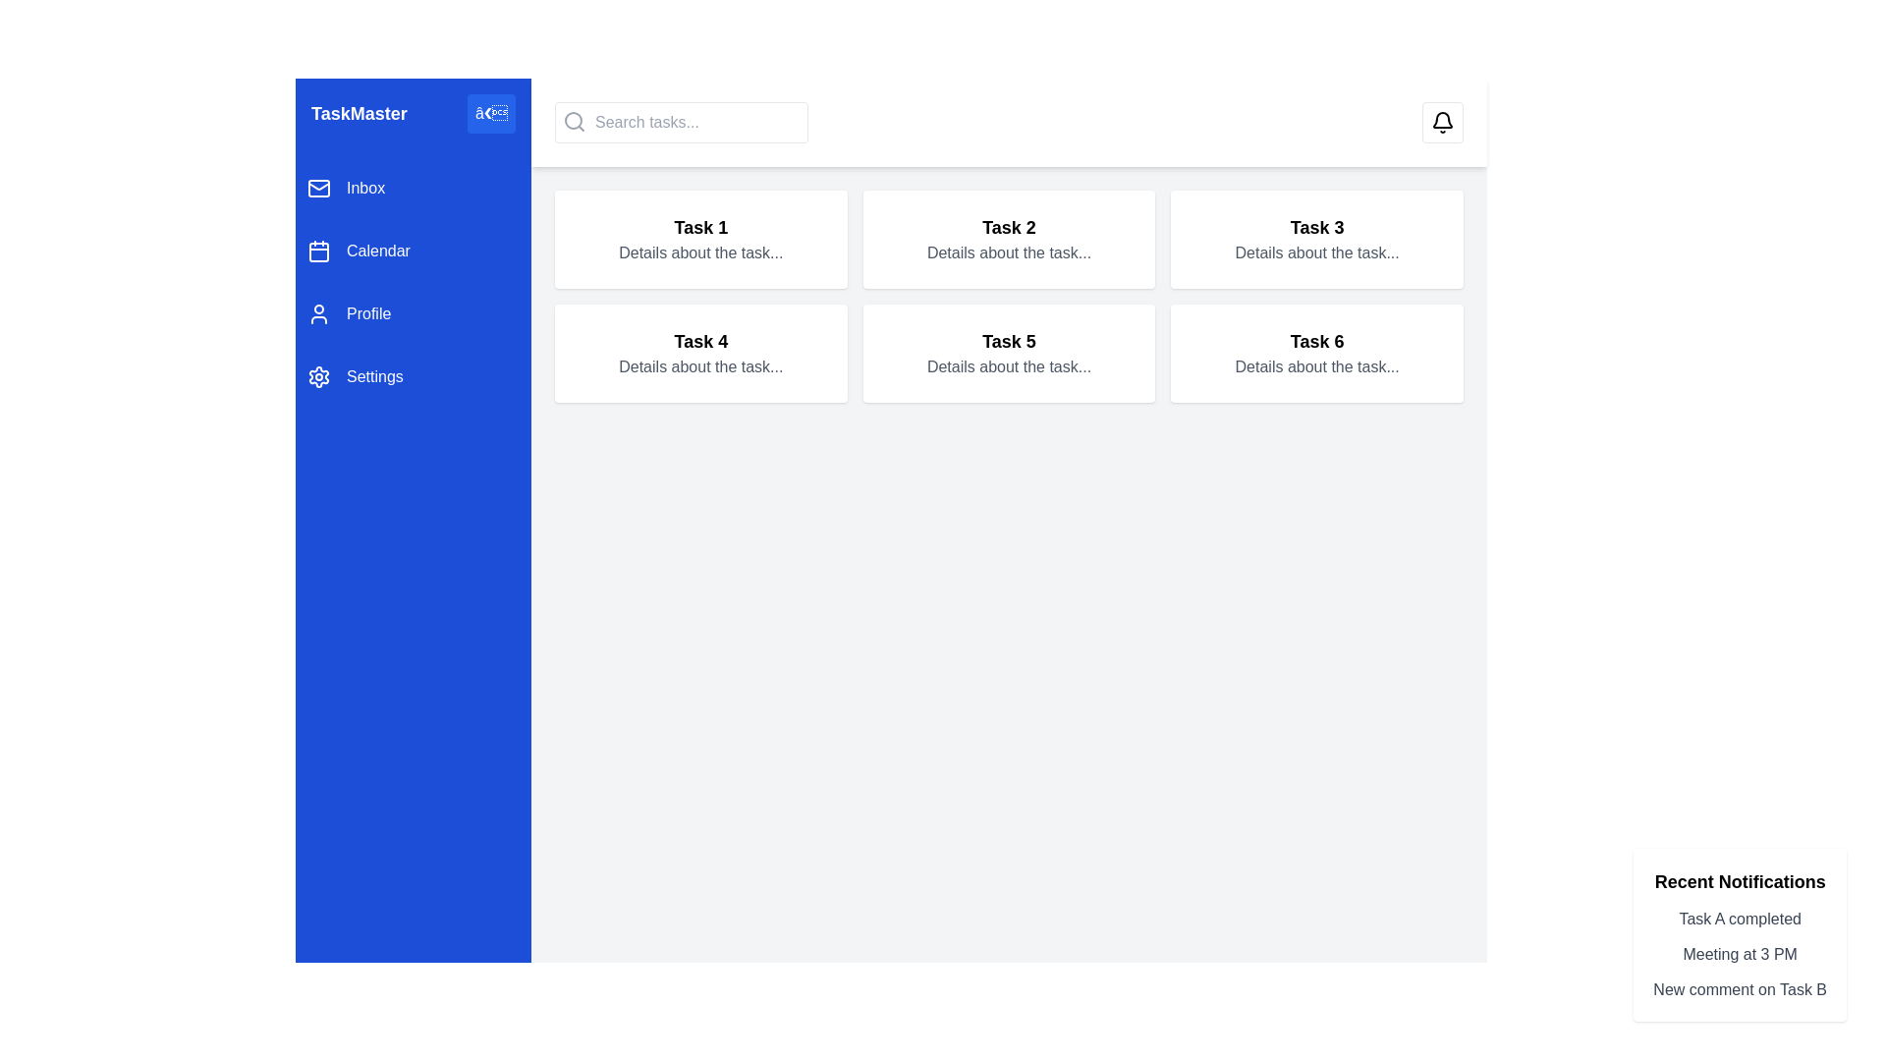 The height and width of the screenshot is (1061, 1886). What do you see at coordinates (413, 189) in the screenshot?
I see `the 'Inbox' menu item in the vertical menu panel on the left side of the interface` at bounding box center [413, 189].